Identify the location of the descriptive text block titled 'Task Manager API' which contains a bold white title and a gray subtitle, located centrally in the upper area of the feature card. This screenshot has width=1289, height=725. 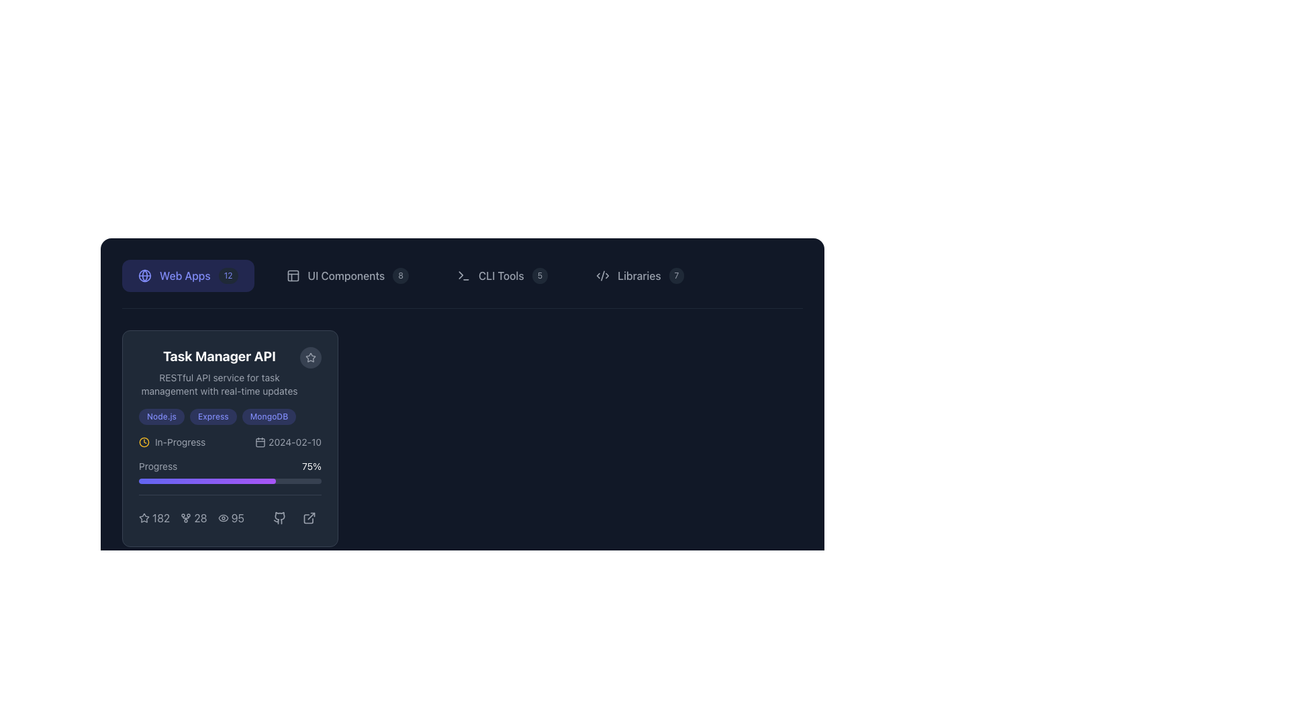
(230, 373).